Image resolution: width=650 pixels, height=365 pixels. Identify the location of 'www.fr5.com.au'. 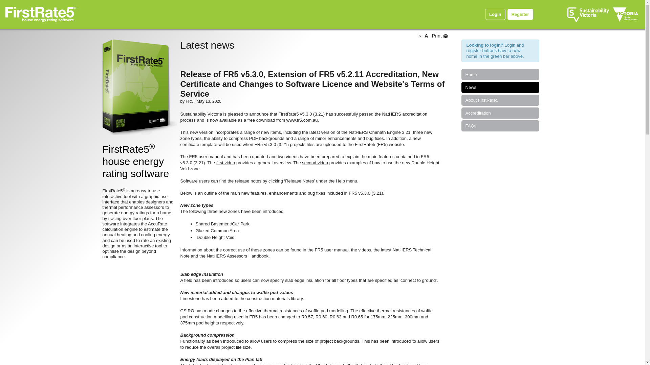
(302, 120).